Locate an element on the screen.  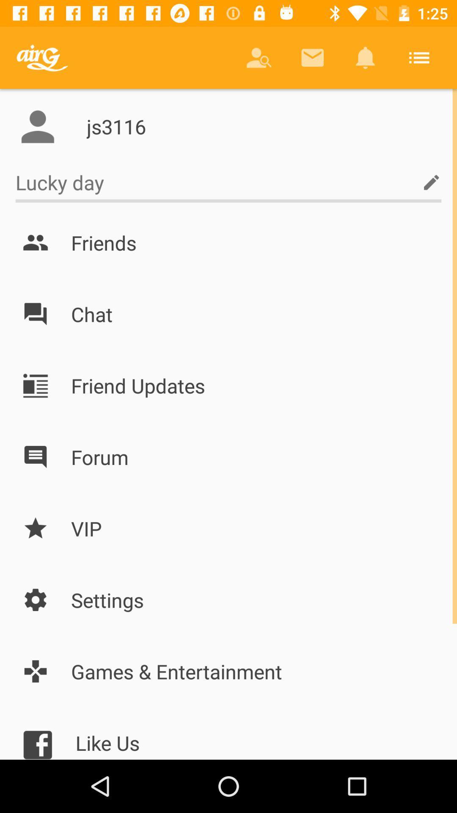
open profile is located at coordinates (37, 126).